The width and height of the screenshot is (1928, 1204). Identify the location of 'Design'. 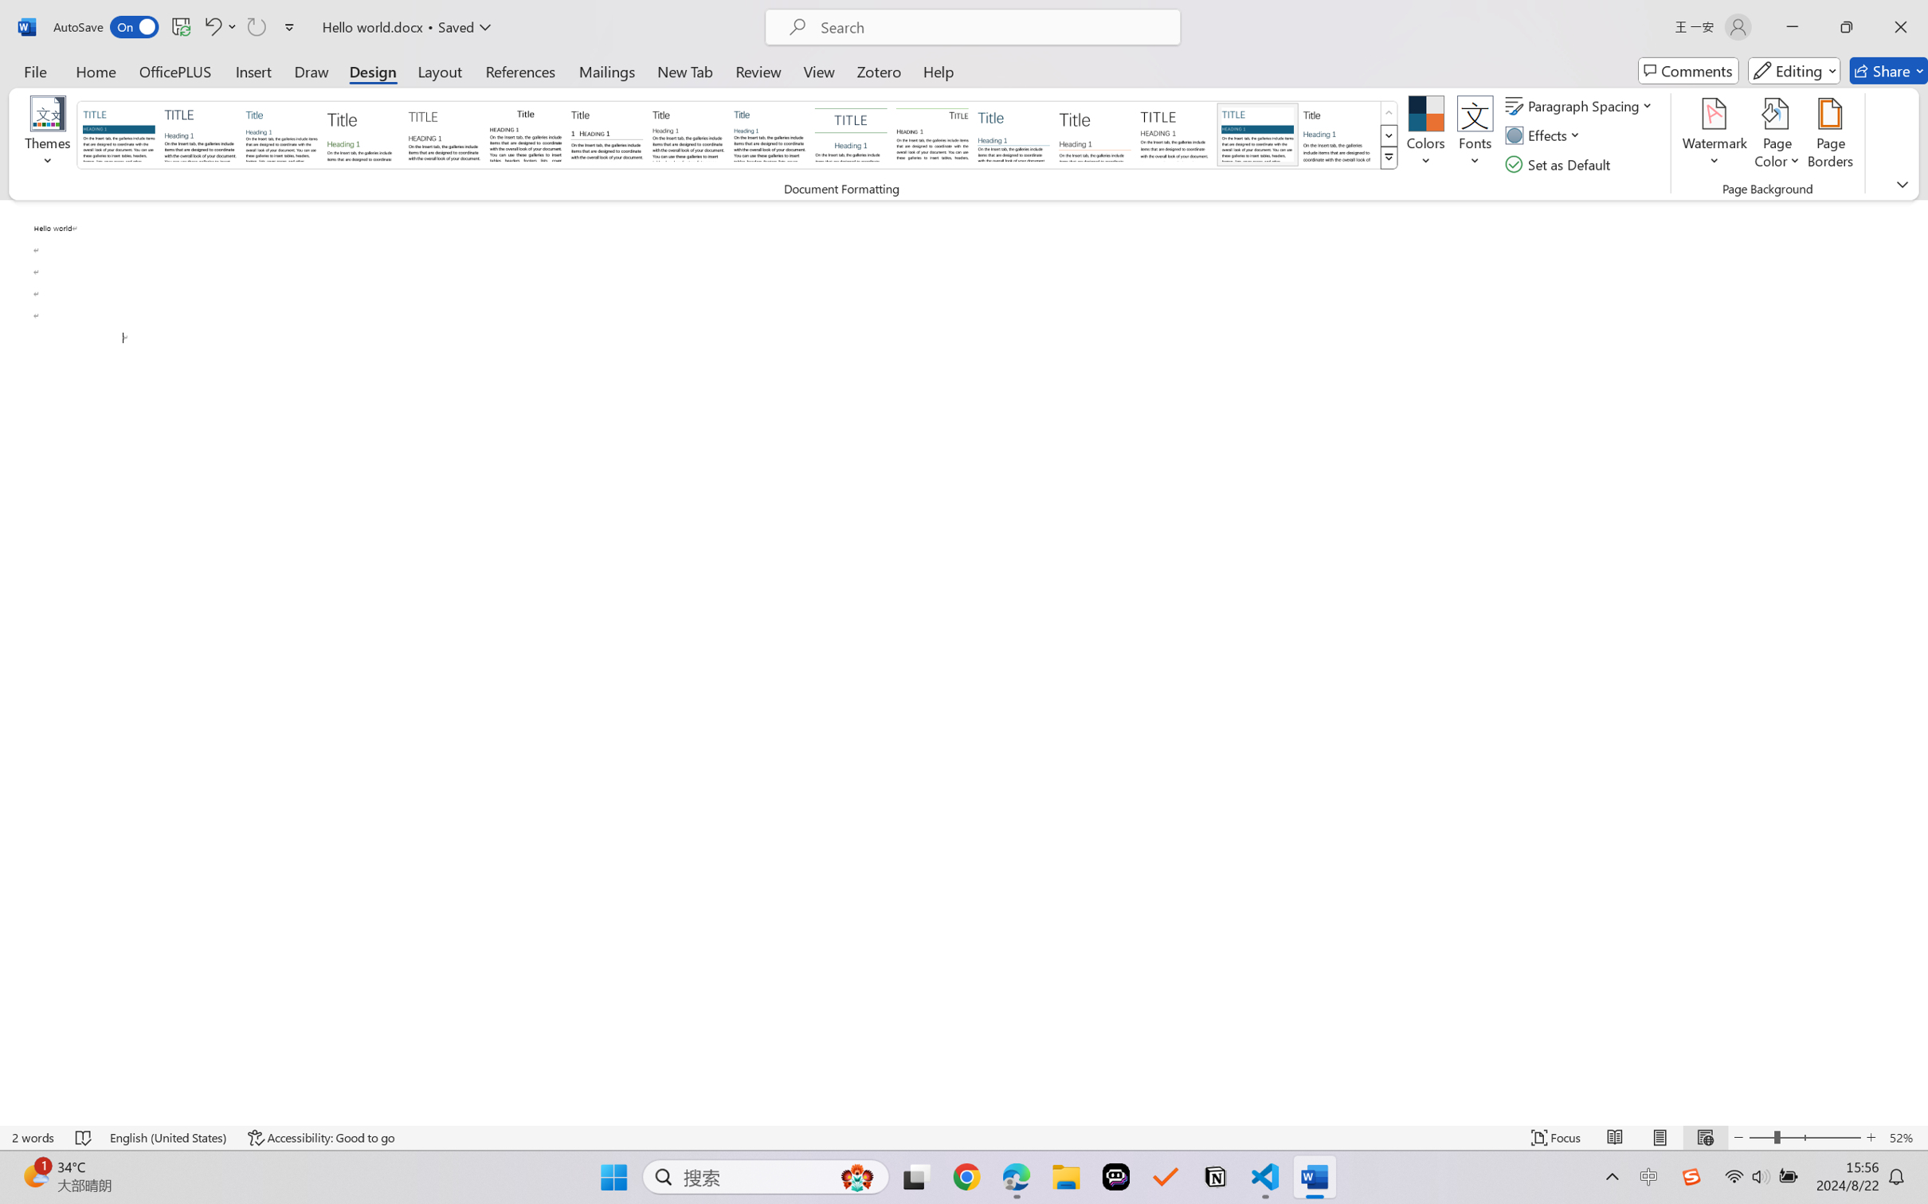
(372, 70).